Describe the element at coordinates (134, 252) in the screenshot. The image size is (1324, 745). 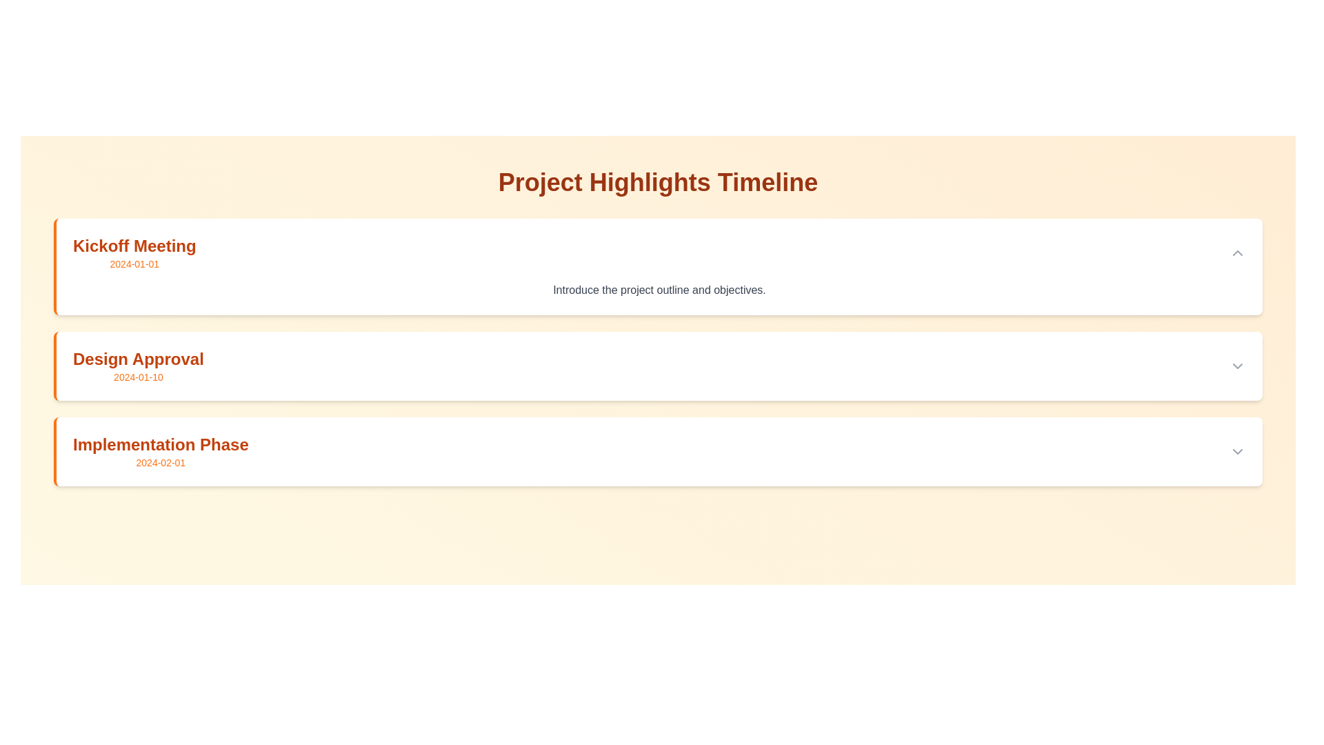
I see `the static text element displaying the title 'Kickoff Meeting' and the date '2024-01-01', which is located at the top of the list and styled in orange fonts` at that location.